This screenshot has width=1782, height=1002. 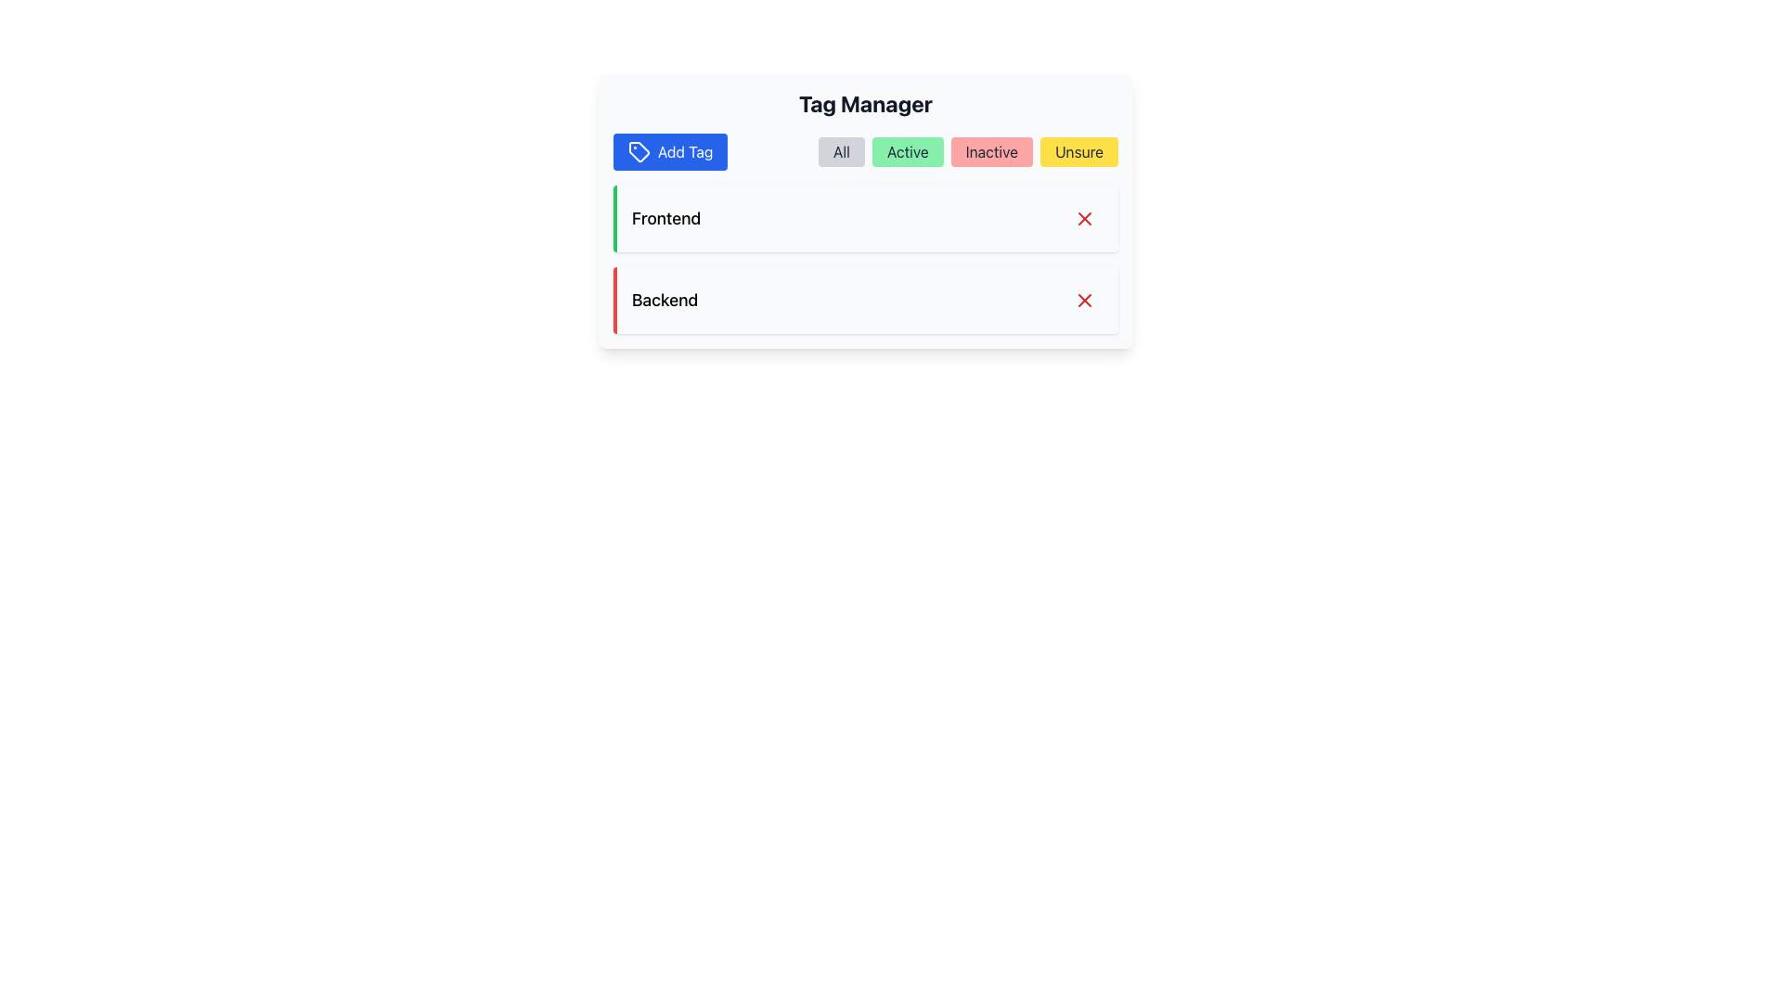 I want to click on the blue 'Add Tag' button with white text and a tag icon on its left, so click(x=668, y=151).